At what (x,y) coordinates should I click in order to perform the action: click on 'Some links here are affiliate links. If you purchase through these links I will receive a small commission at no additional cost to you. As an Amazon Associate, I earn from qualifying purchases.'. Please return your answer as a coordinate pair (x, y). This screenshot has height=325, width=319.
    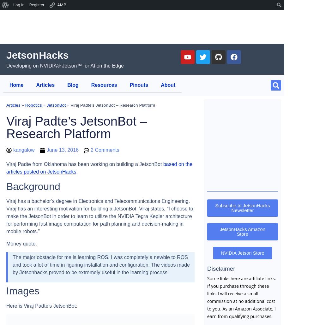
    Looking at the image, I should click on (241, 297).